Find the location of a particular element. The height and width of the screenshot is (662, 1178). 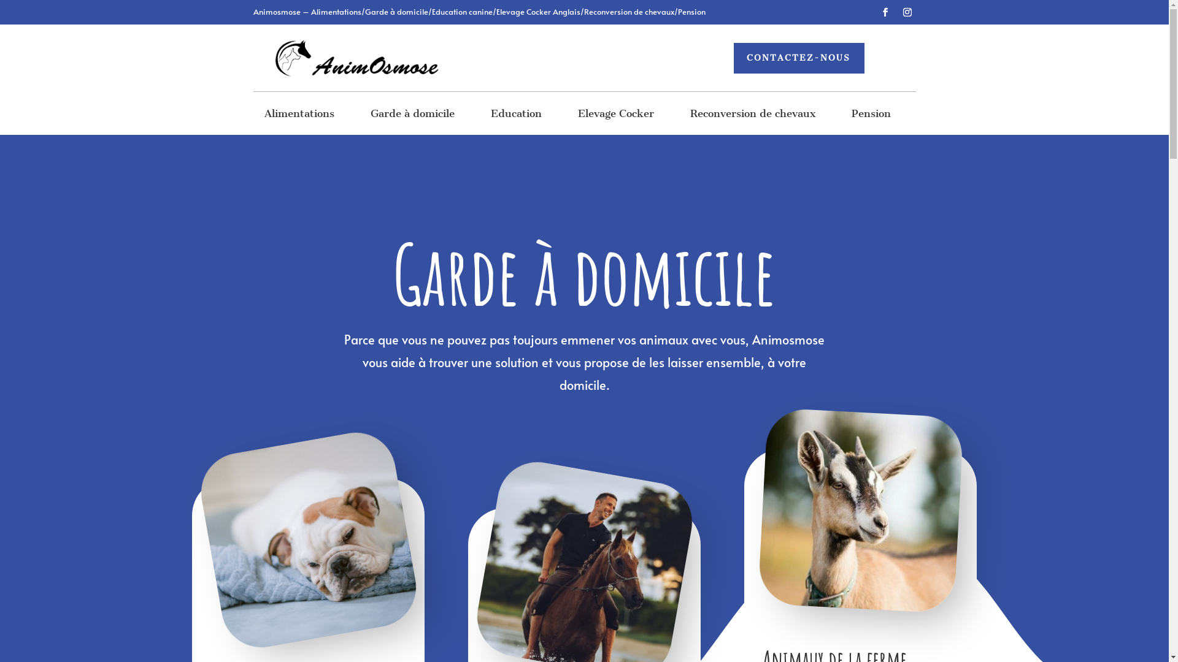

'CONTACTEZ-NOUS' is located at coordinates (799, 58).